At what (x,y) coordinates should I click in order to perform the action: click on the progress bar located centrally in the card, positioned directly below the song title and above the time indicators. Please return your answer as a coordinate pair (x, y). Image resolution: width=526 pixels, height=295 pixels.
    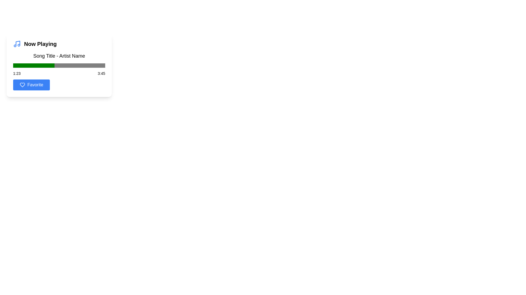
    Looking at the image, I should click on (59, 65).